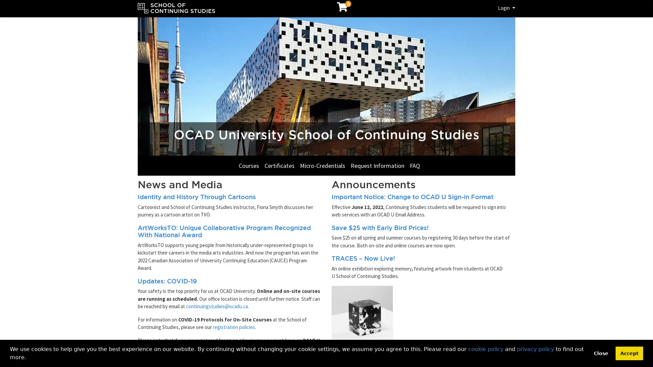 The height and width of the screenshot is (367, 653). I want to click on allow cookies, so click(629, 353).